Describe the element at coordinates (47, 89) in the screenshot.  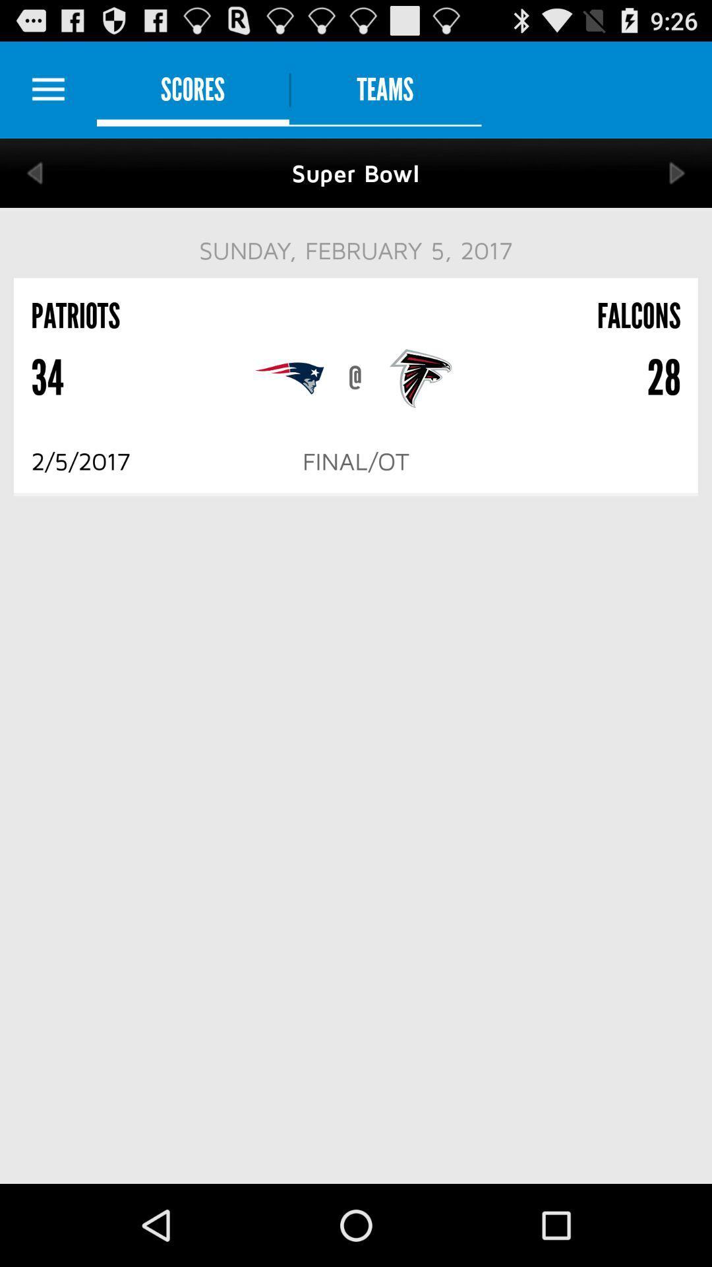
I see `menu option` at that location.